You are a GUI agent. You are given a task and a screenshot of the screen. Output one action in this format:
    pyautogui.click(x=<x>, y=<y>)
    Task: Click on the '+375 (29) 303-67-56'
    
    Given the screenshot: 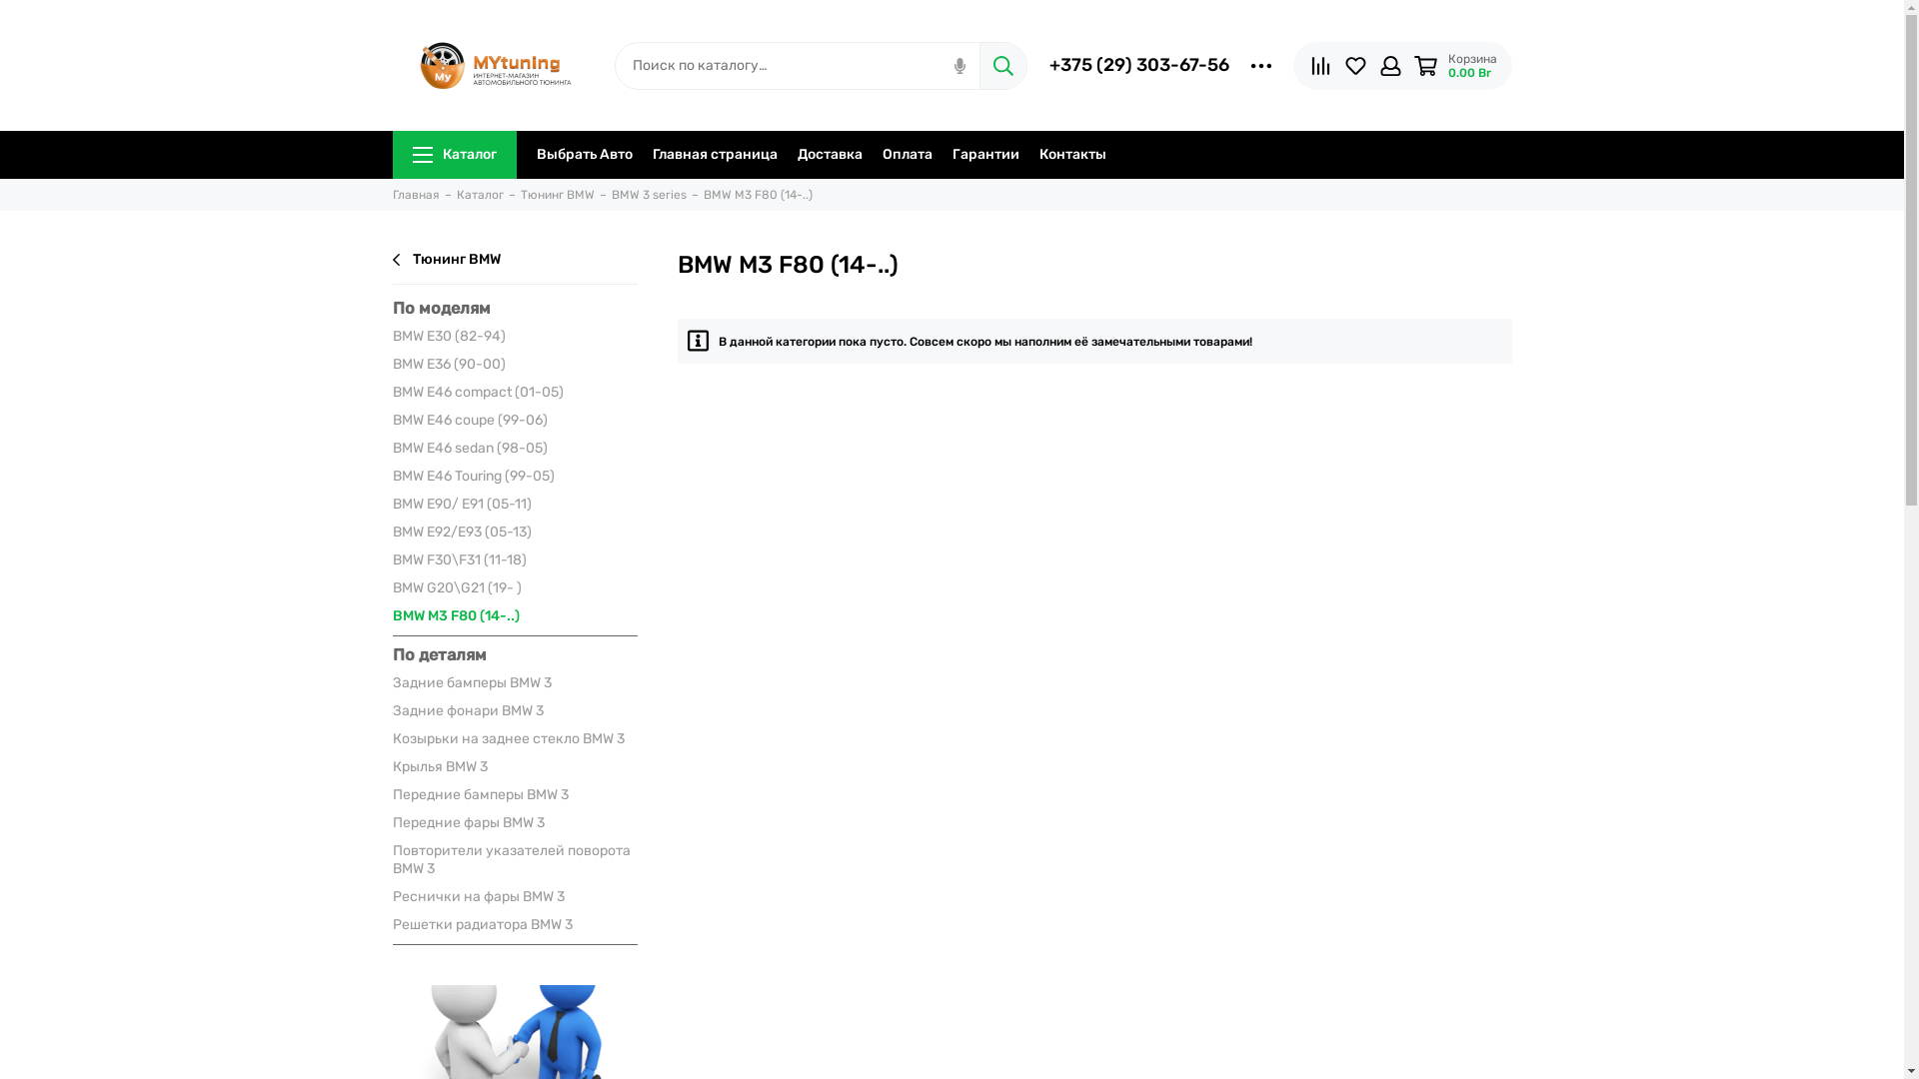 What is the action you would take?
    pyautogui.click(x=1139, y=64)
    